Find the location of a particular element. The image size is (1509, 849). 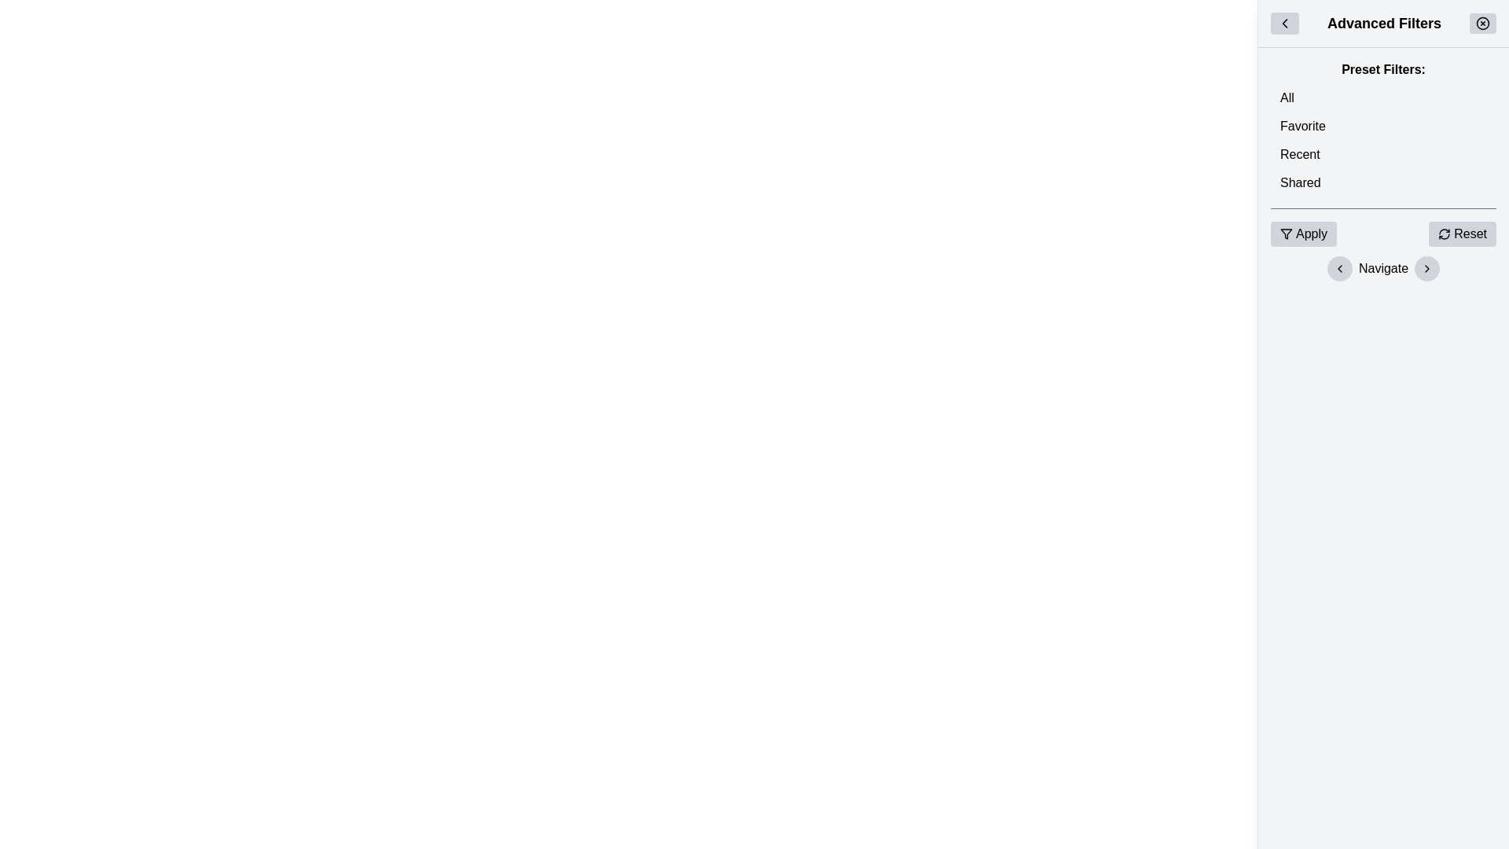

the 'Shared' button, which is the fourth item in a vertical list of filter options in the right-hand sidebar, to observe the background color change is located at coordinates (1383, 182).